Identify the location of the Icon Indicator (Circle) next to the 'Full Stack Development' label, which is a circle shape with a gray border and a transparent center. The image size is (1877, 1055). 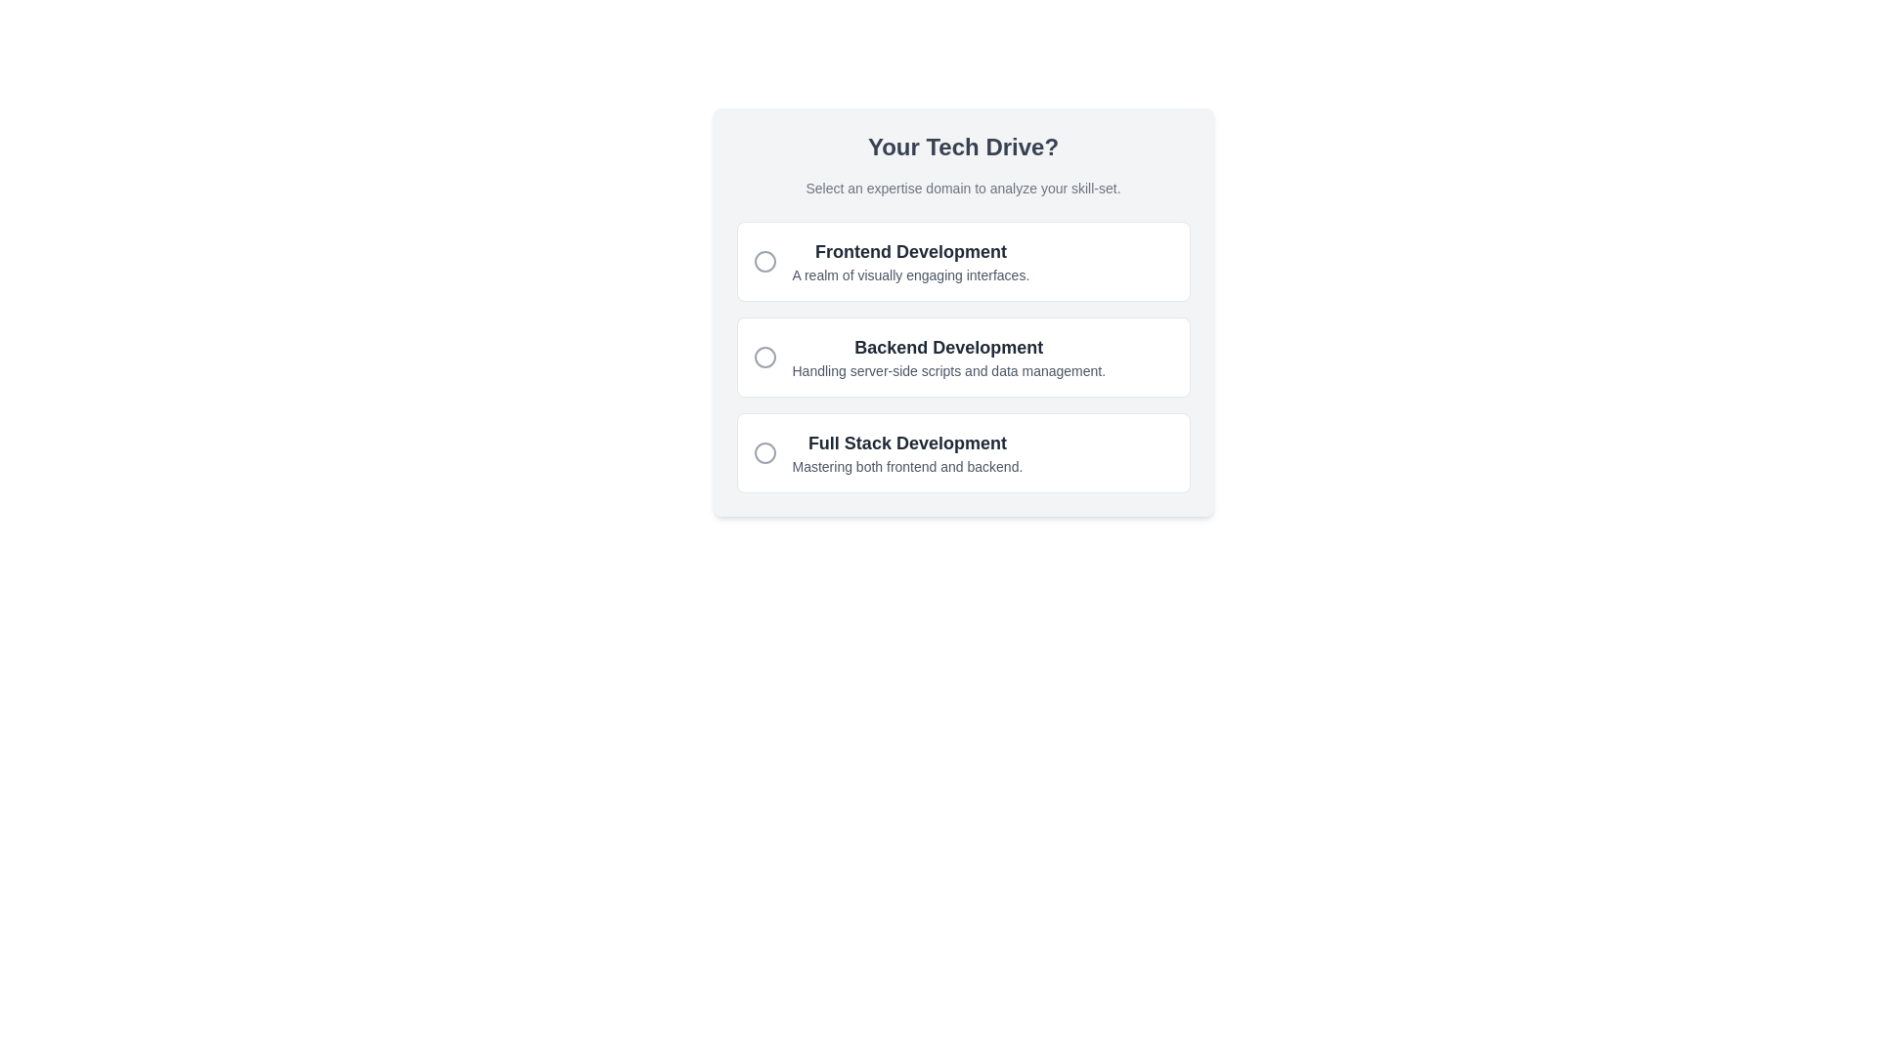
(764, 452).